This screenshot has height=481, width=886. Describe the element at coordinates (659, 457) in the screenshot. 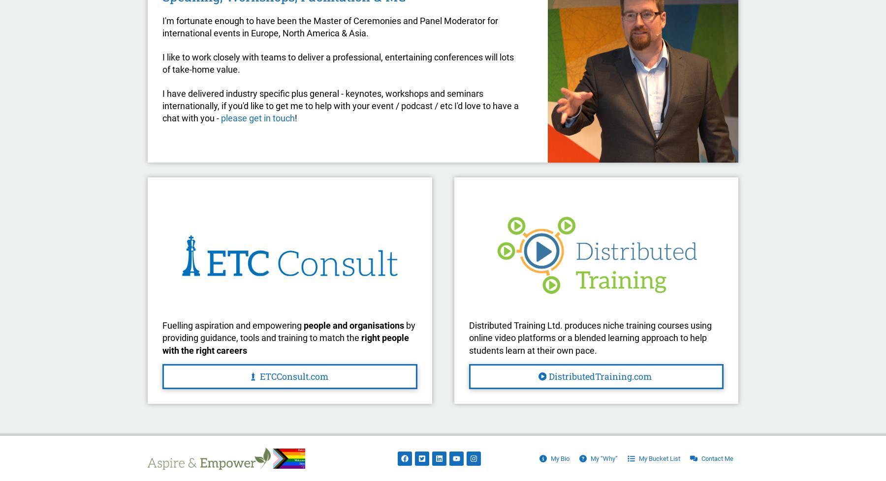

I see `'My Bucket List'` at that location.